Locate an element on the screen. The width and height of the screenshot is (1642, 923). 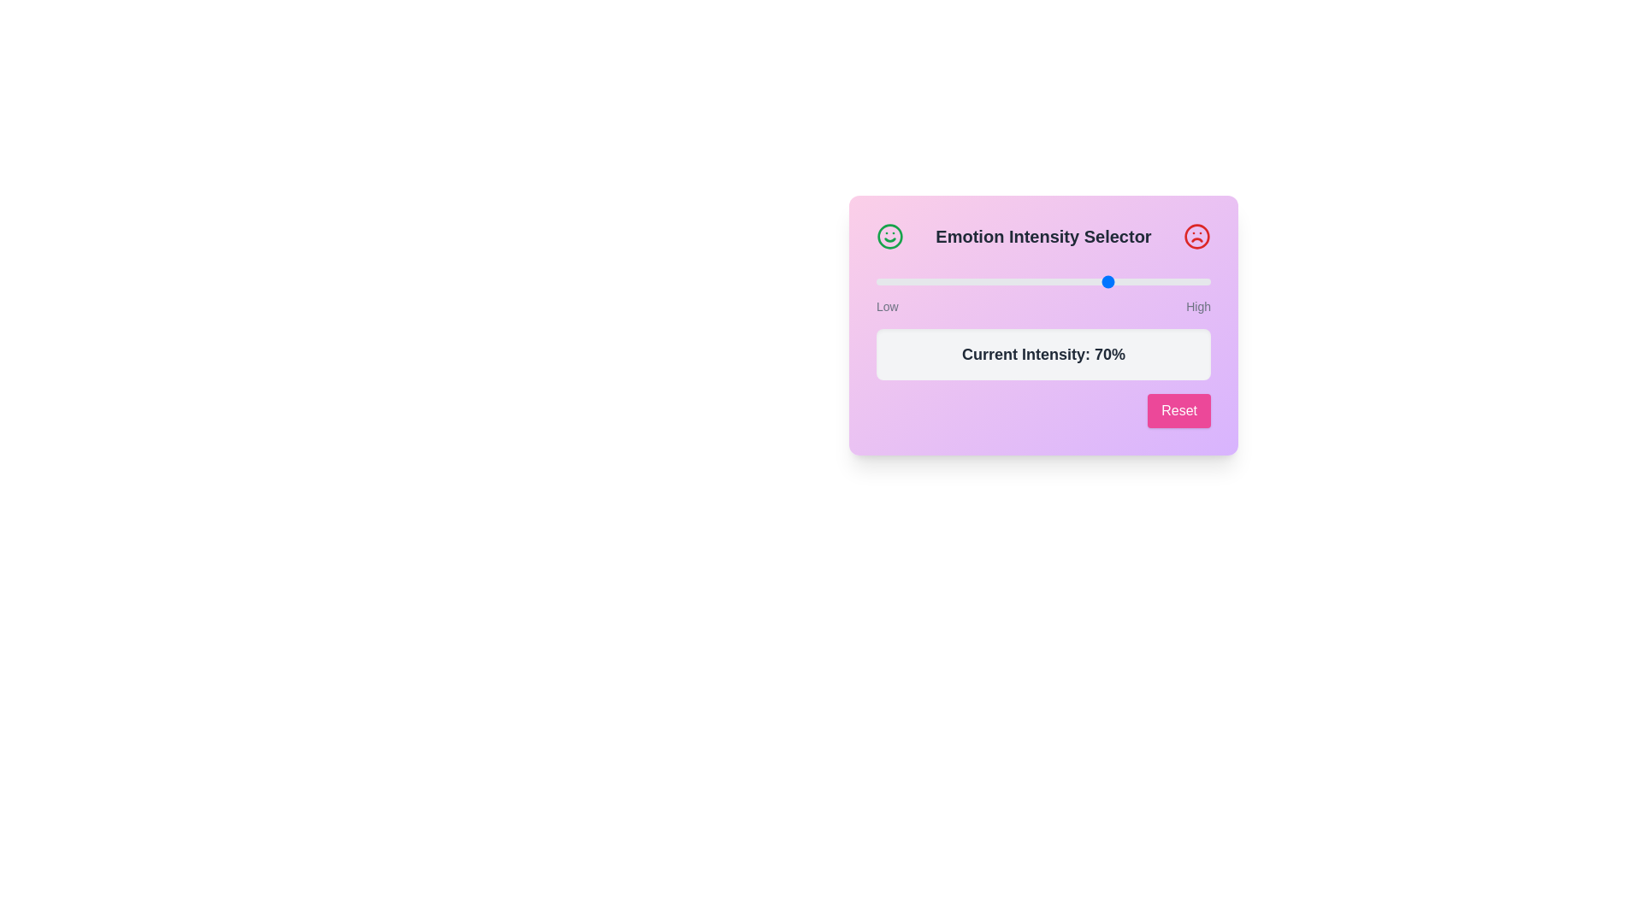
the reset button to reset the intensity value to its default is located at coordinates (1178, 411).